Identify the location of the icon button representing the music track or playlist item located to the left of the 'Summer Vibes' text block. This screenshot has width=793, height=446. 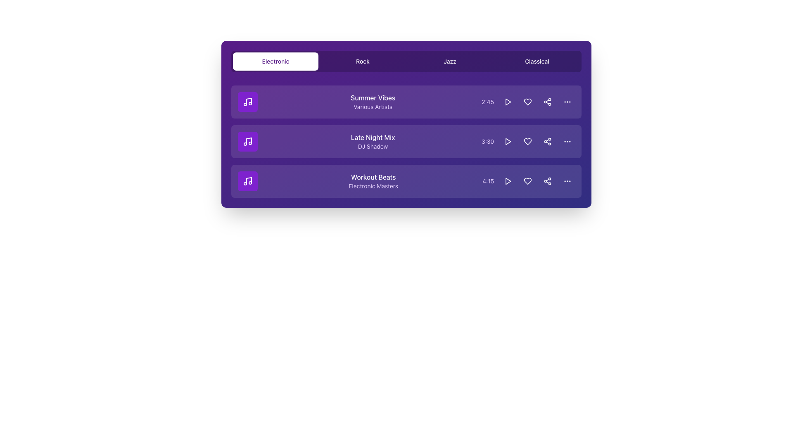
(247, 101).